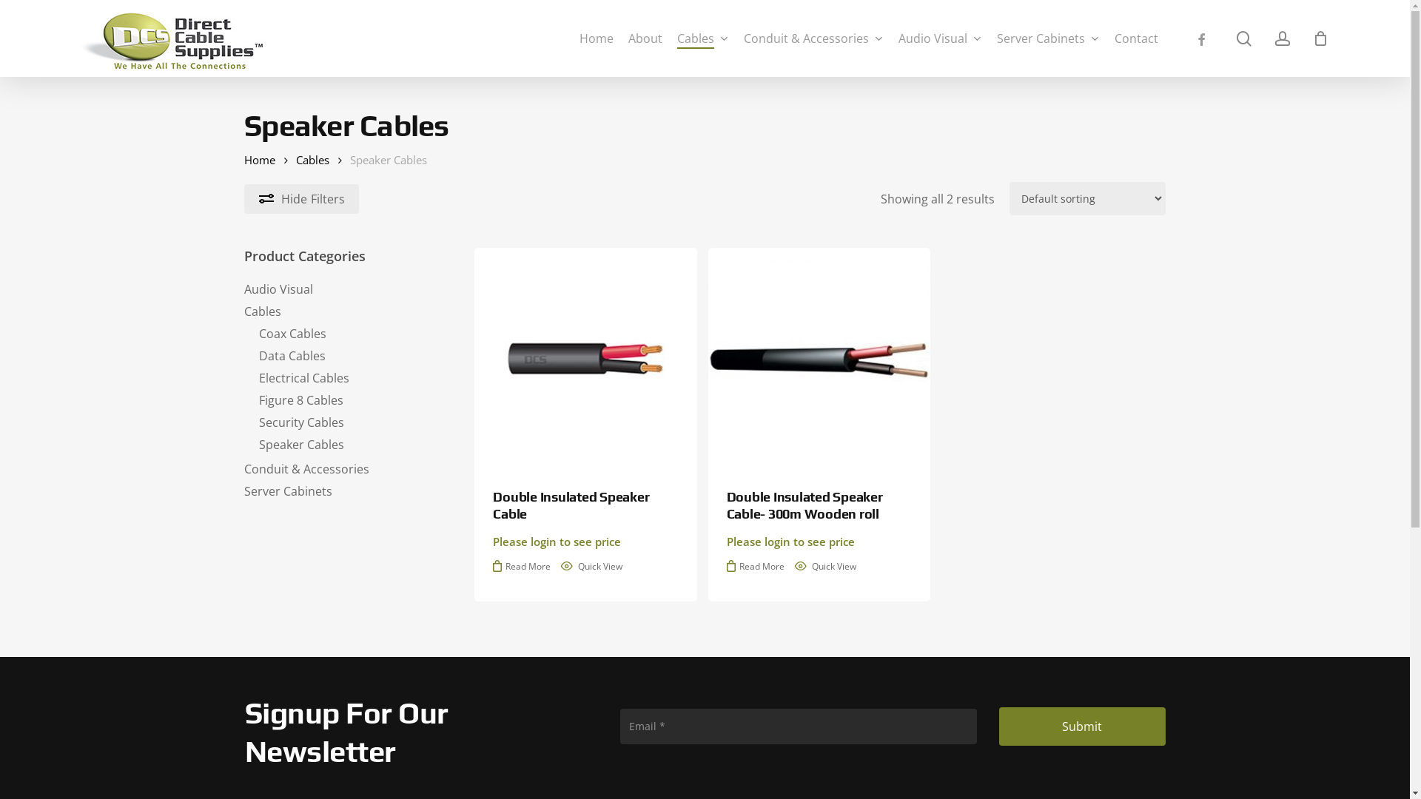 The width and height of the screenshot is (1421, 799). Describe the element at coordinates (898, 37) in the screenshot. I see `'Audio Visual'` at that location.